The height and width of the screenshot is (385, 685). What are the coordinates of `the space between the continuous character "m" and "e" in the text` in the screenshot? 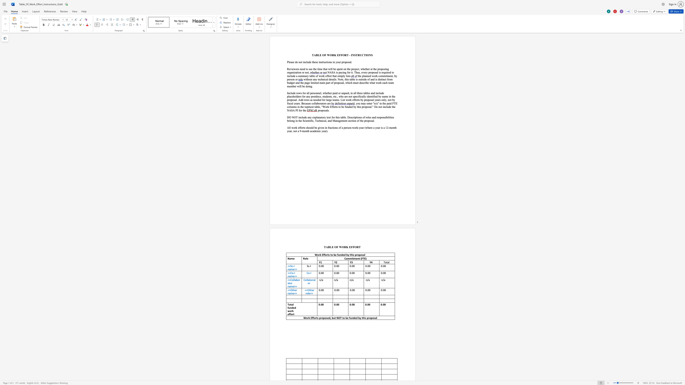 It's located at (292, 269).